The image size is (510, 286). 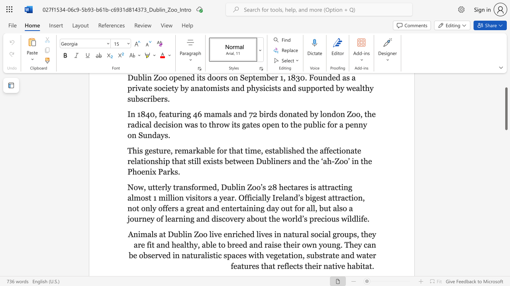 I want to click on the subset text "ttracting almost 1 million visitors a year. Officially Ireland’s bigest att" within the text "Now, utterly transformed, Dublin Zoo’s 28 hectares is attracting almost 1 million visitors a year. Officially Ireland’s bigest attraction, not only", so click(x=322, y=187).